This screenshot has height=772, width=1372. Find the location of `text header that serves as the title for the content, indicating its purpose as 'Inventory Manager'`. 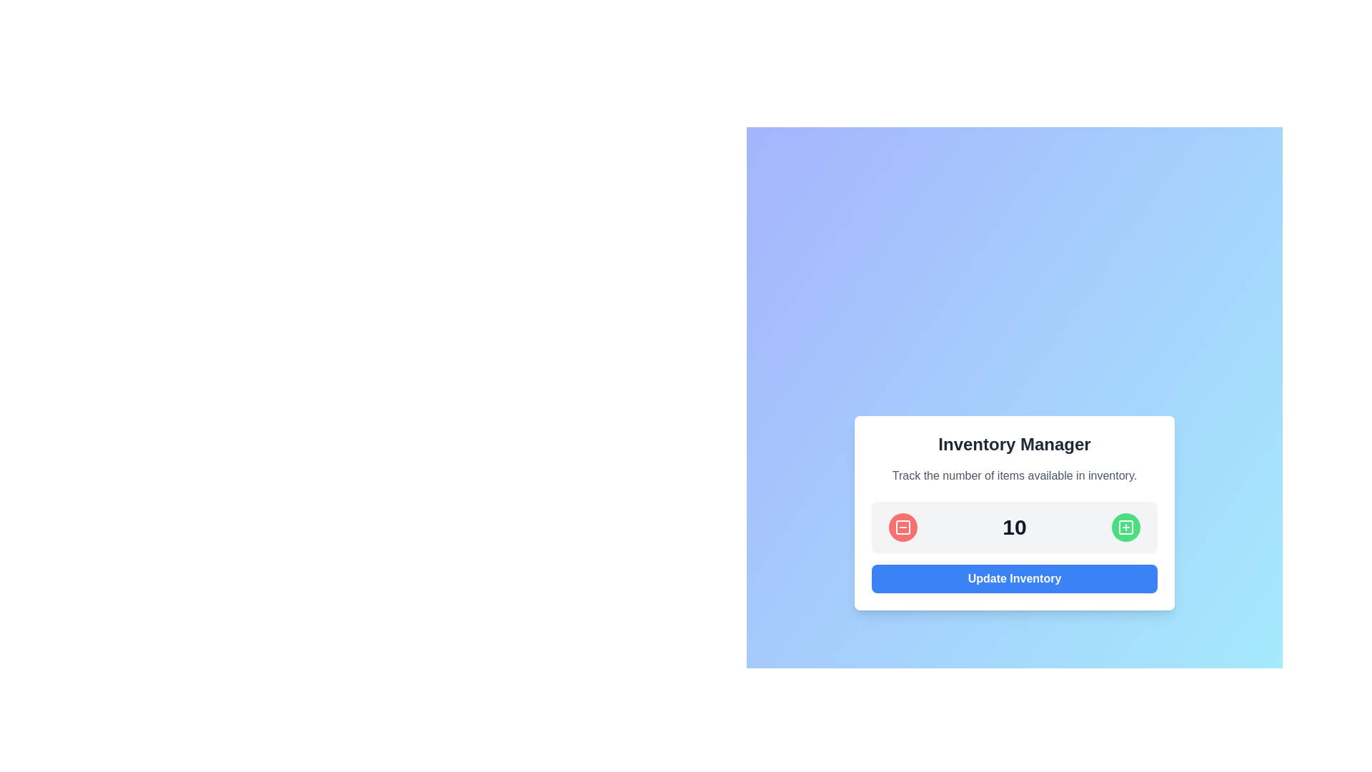

text header that serves as the title for the content, indicating its purpose as 'Inventory Manager' is located at coordinates (1014, 443).